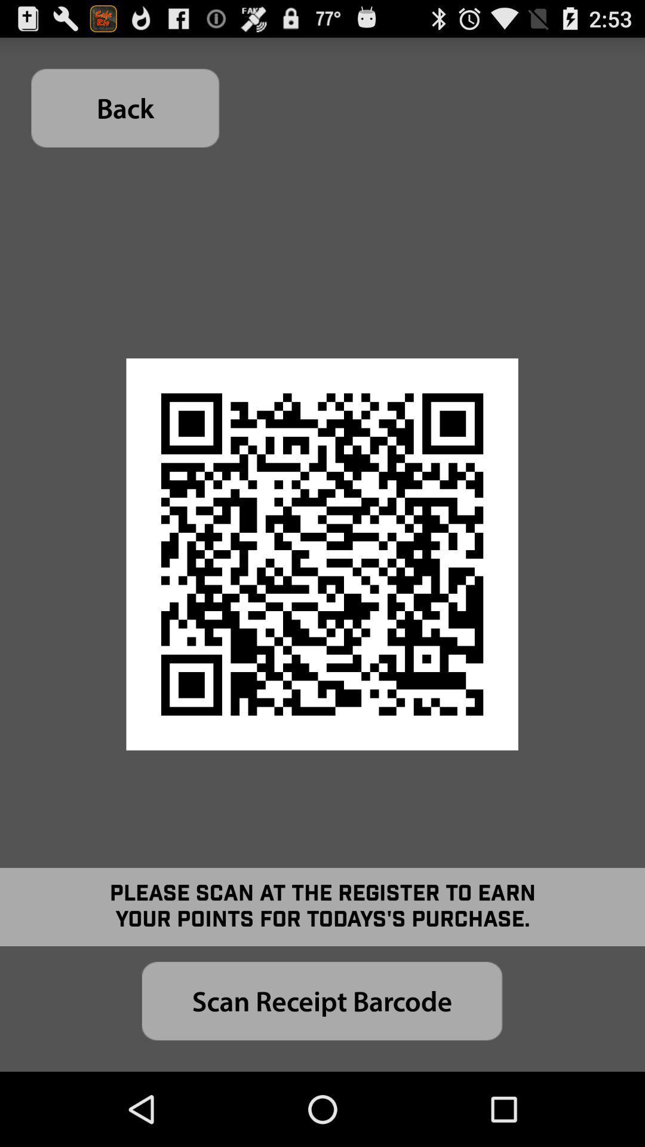 Image resolution: width=645 pixels, height=1147 pixels. Describe the element at coordinates (321, 1001) in the screenshot. I see `icon below the please scan at icon` at that location.